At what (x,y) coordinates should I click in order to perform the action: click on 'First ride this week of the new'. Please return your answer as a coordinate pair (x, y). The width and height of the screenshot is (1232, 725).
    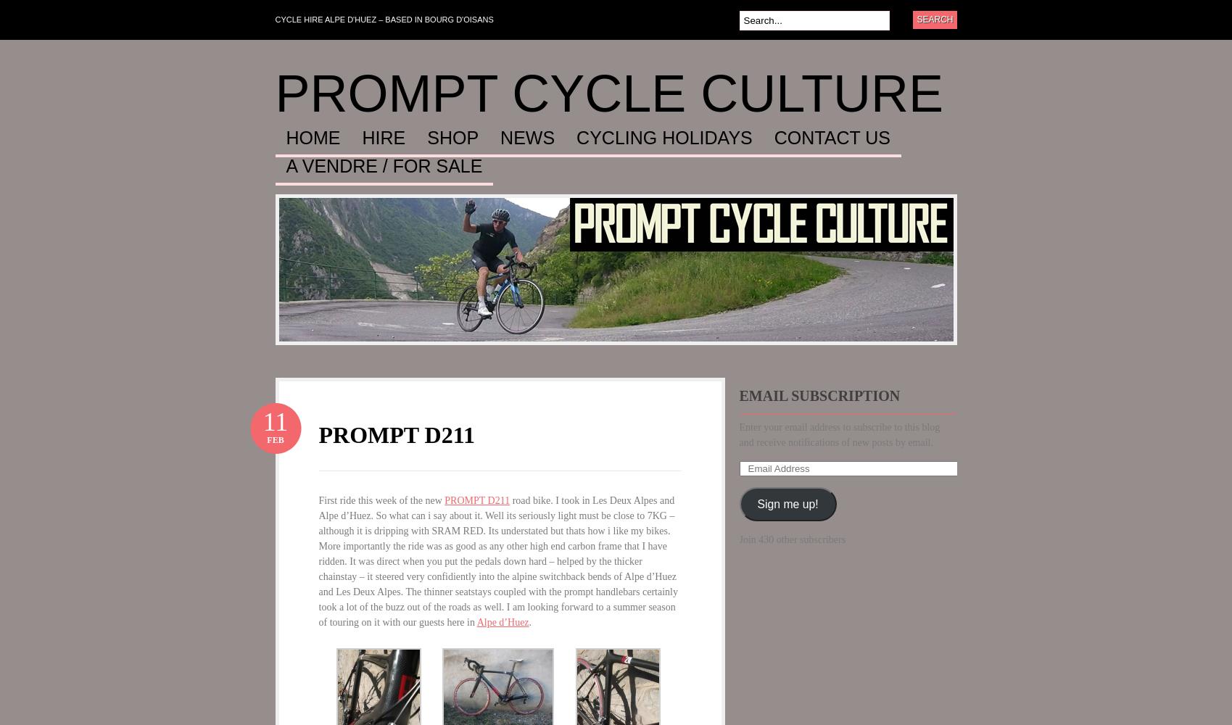
    Looking at the image, I should click on (381, 500).